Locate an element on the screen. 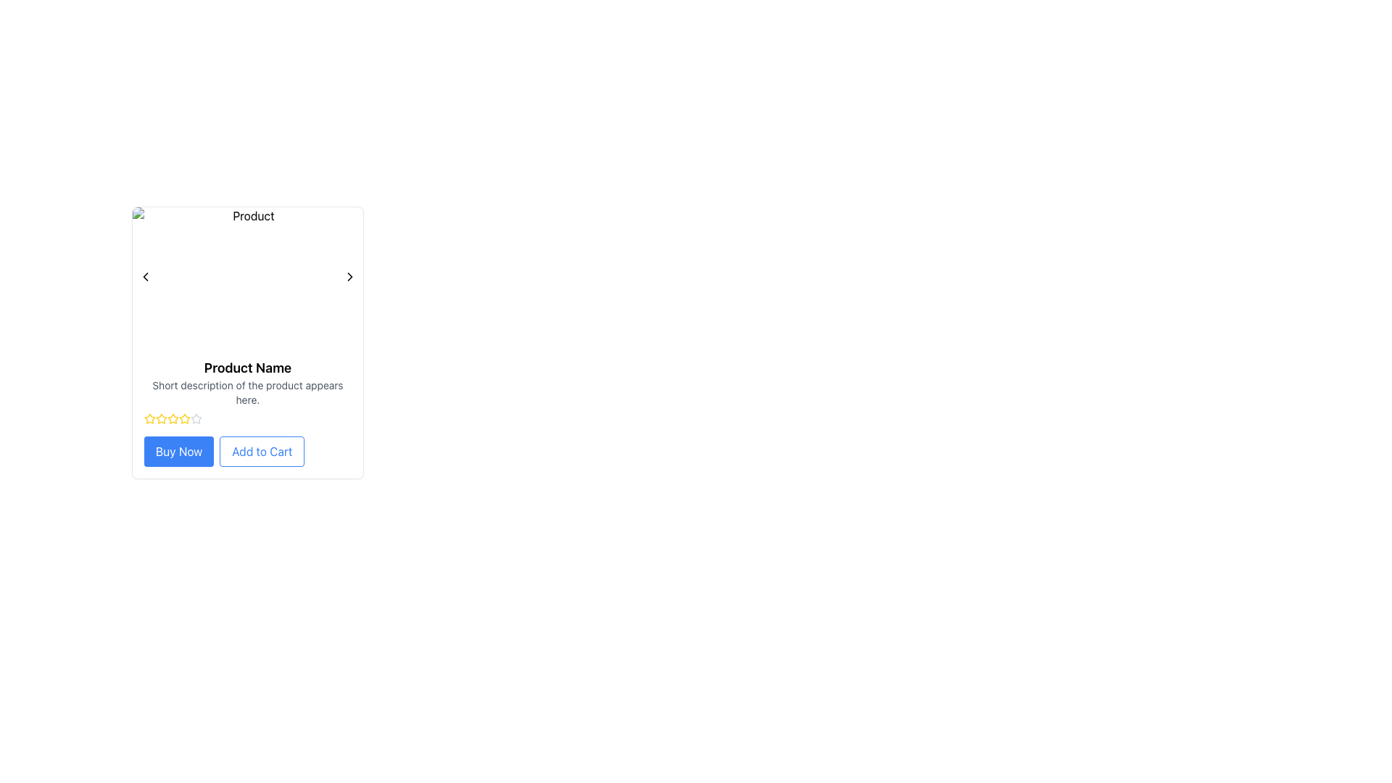  the third star icon in the rating system located underneath the product description section in the card layout is located at coordinates (183, 418).